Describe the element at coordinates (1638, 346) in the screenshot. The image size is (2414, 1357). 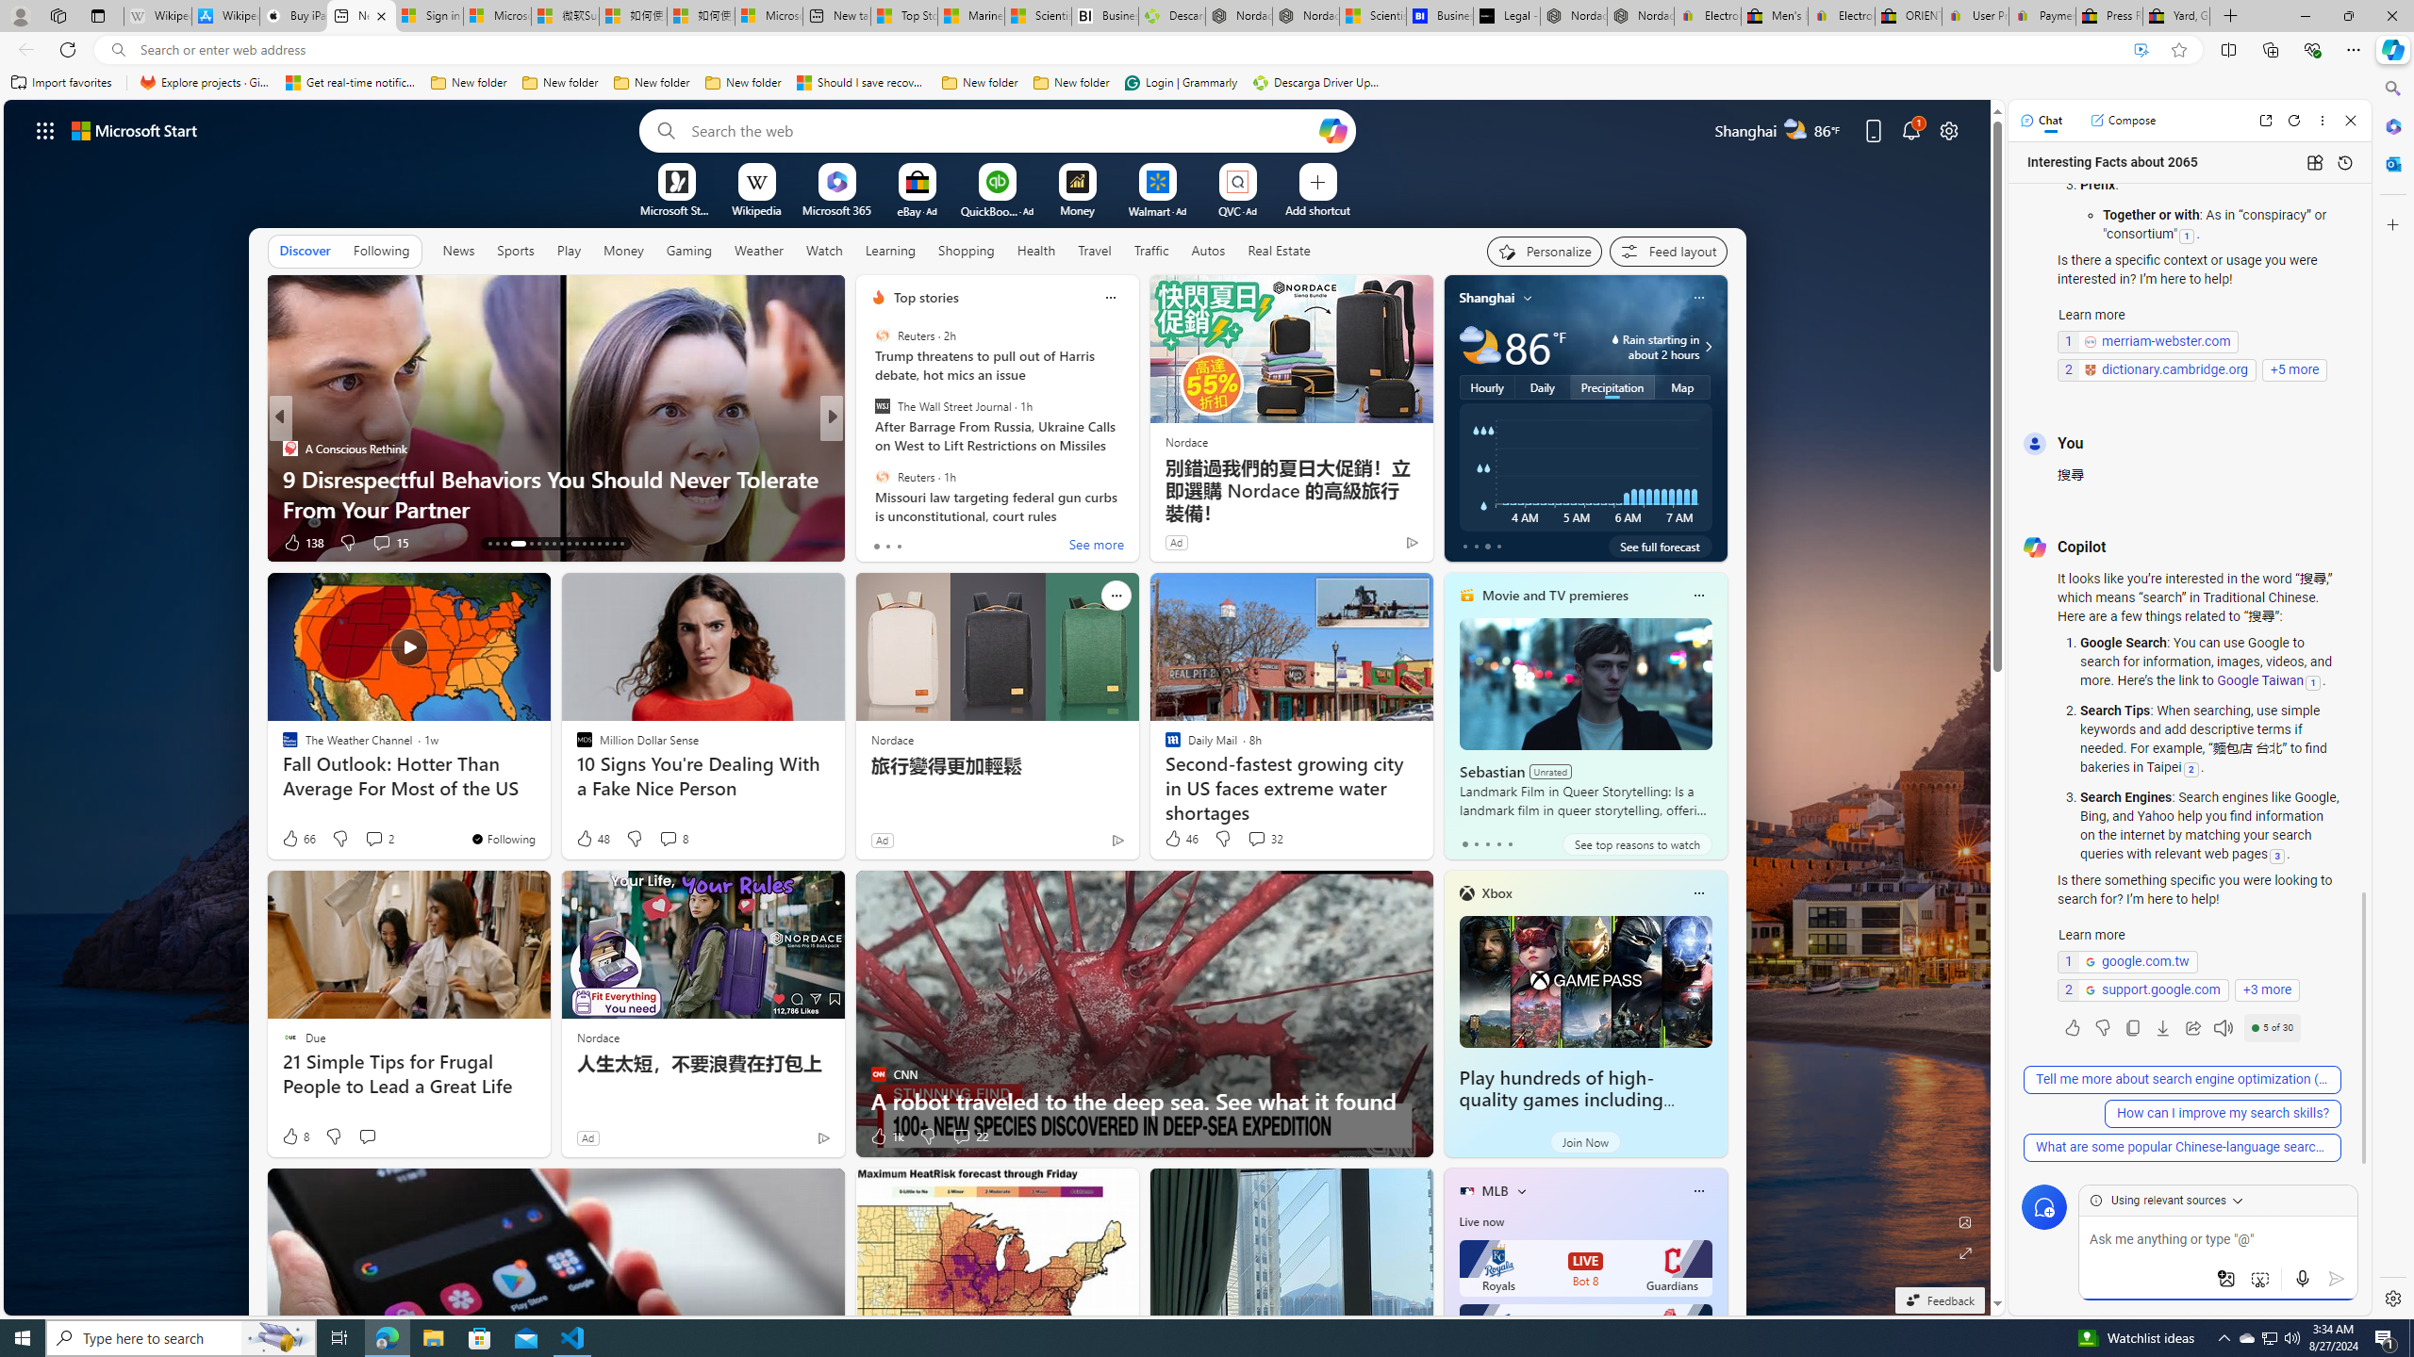
I see `'water-drop-icon Rain starting in about 2 hours'` at that location.